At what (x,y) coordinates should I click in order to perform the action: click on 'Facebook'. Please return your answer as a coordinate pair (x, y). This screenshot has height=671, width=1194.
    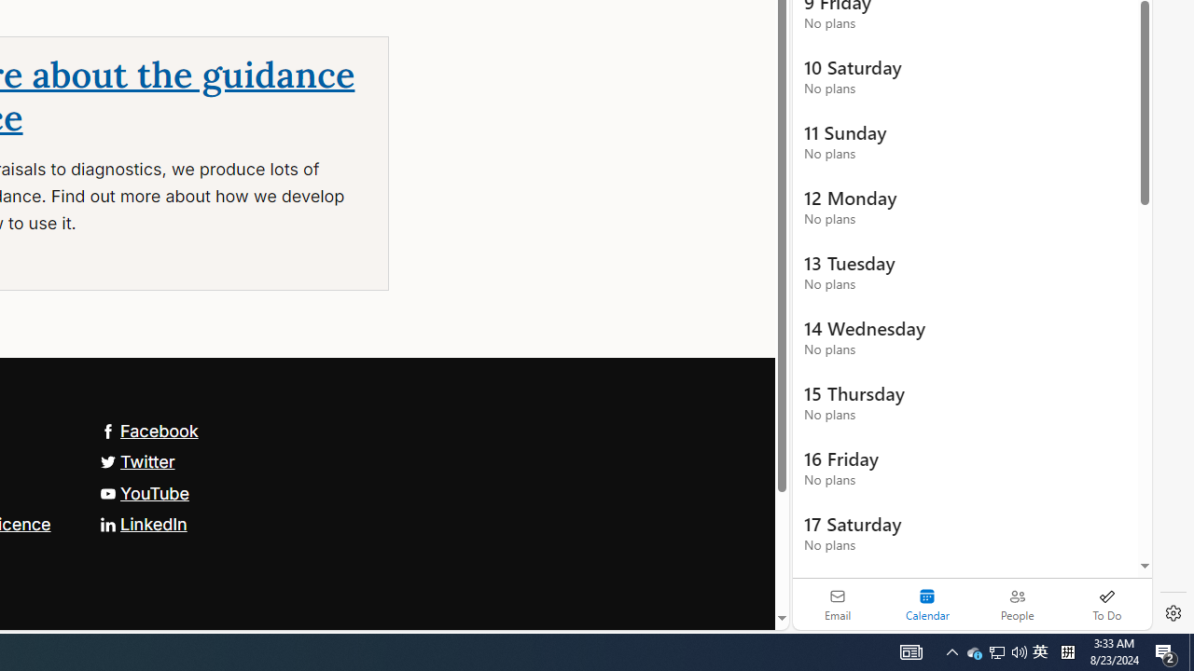
    Looking at the image, I should click on (147, 430).